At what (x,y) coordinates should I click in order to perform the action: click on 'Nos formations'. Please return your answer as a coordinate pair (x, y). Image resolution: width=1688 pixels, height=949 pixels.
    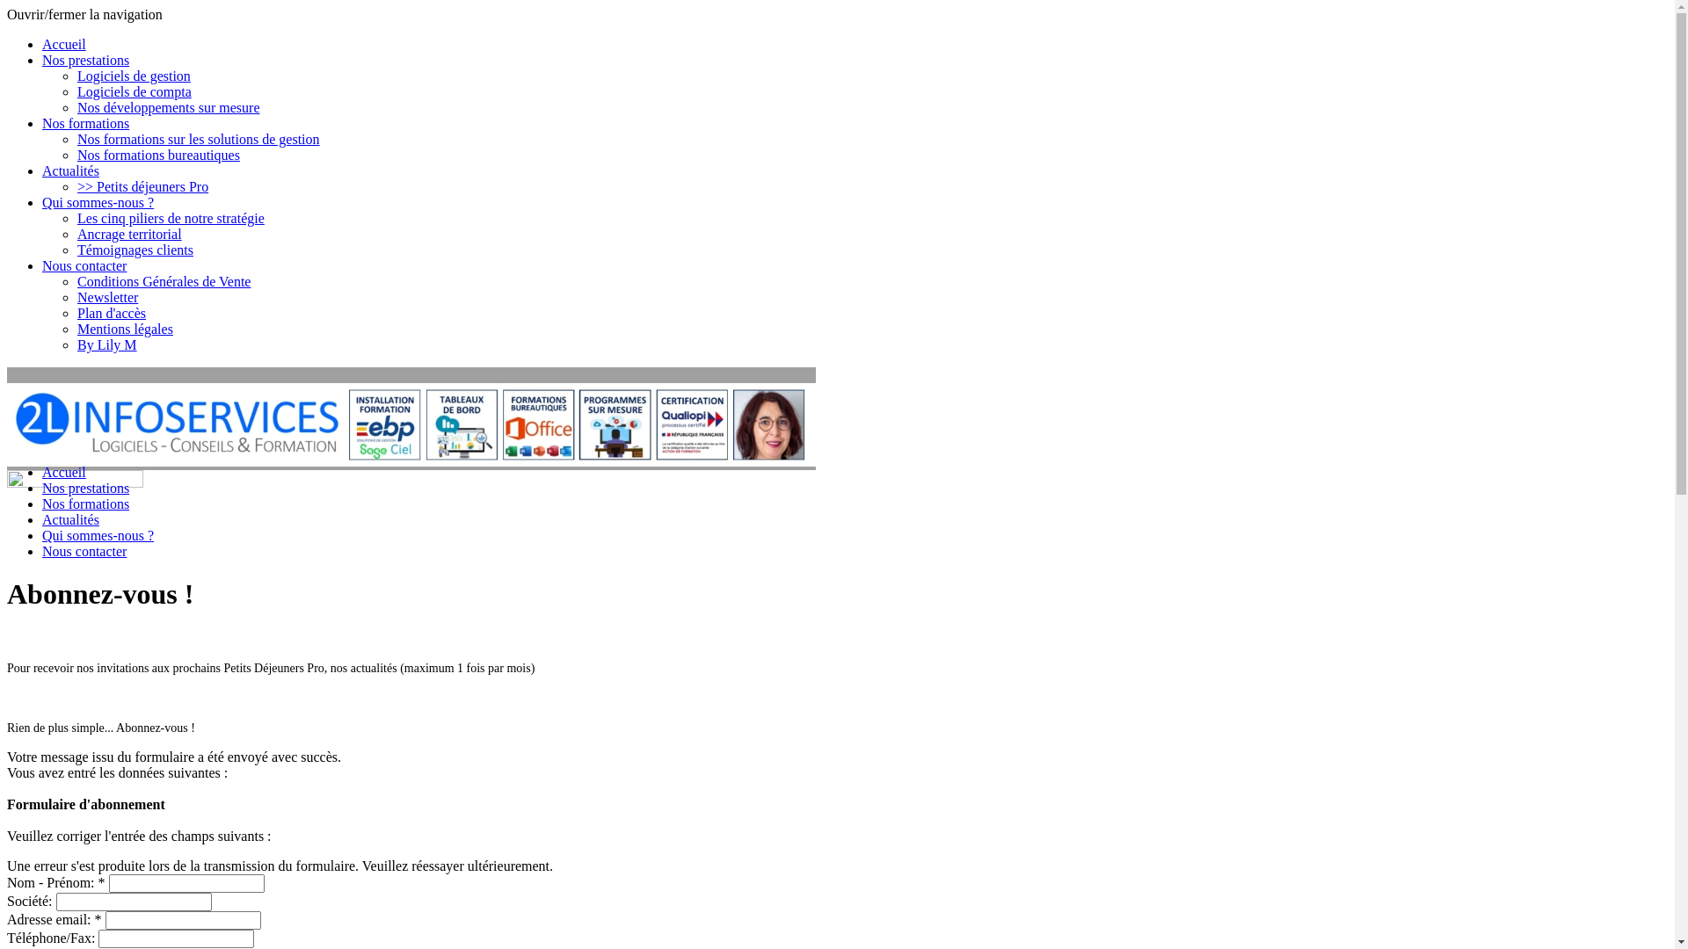
    Looking at the image, I should click on (84, 122).